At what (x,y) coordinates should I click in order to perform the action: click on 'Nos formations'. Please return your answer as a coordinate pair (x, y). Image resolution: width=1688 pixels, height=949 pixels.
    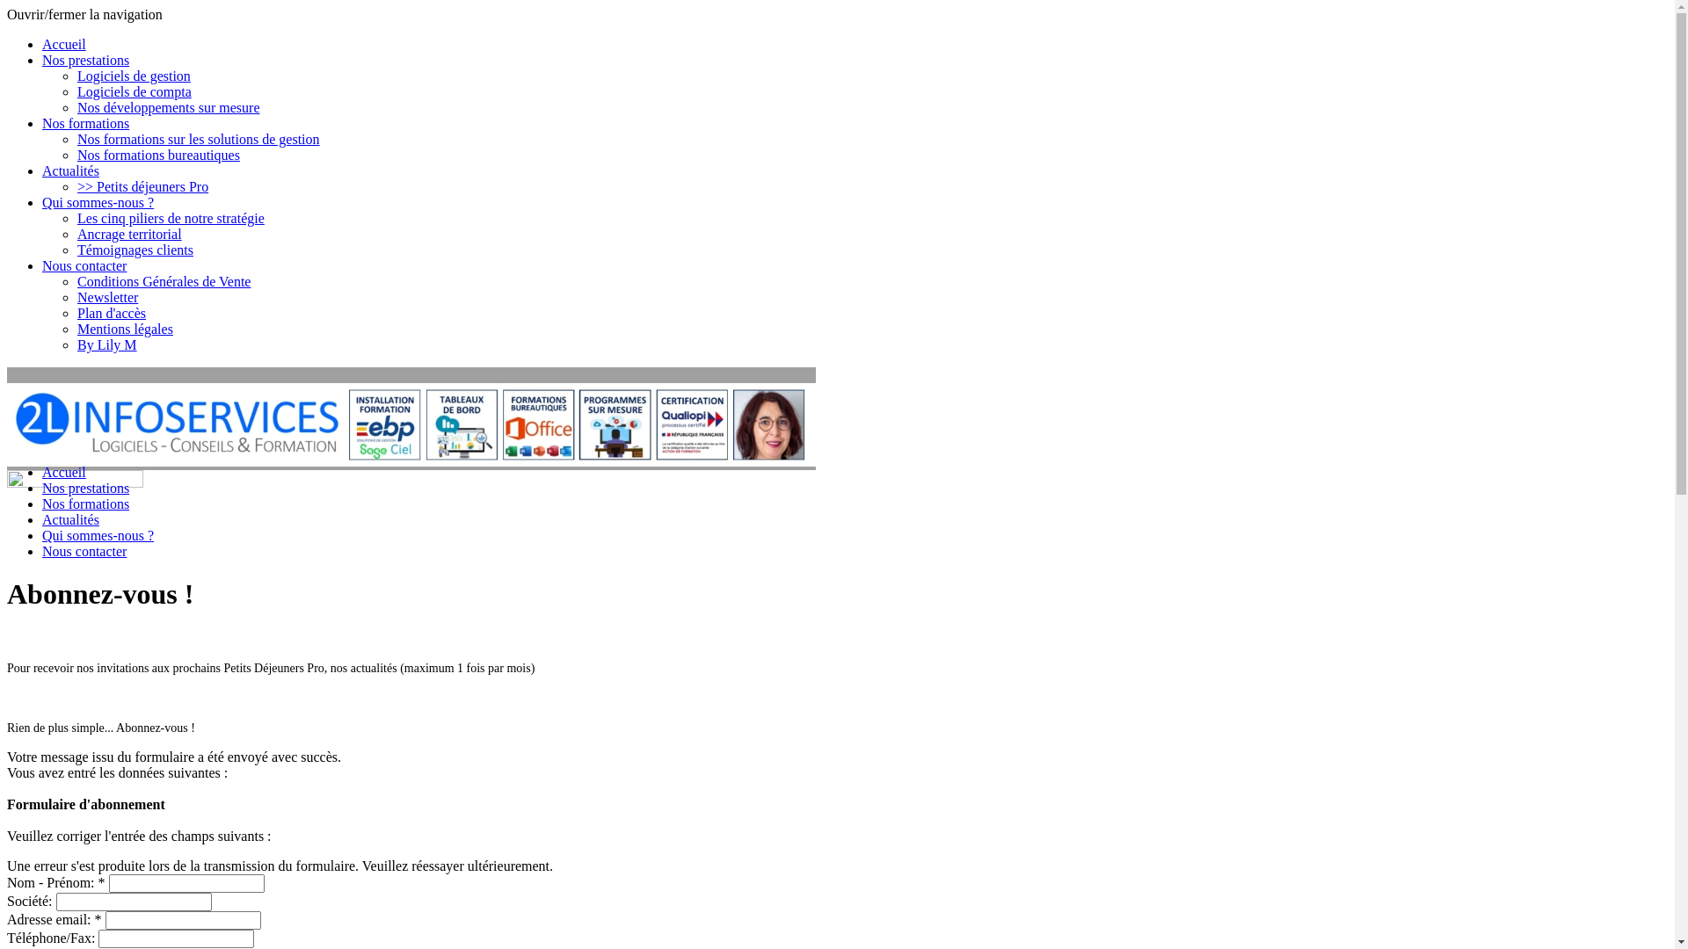
    Looking at the image, I should click on (84, 122).